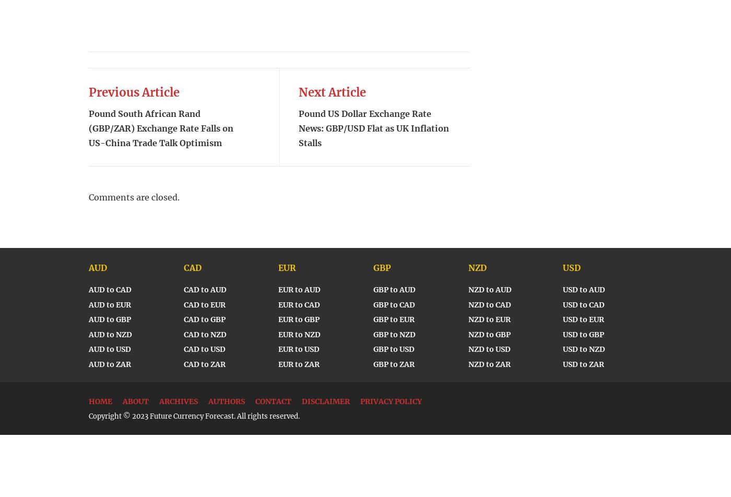 Image resolution: width=731 pixels, height=497 pixels. I want to click on 'AUD to GBP', so click(110, 319).